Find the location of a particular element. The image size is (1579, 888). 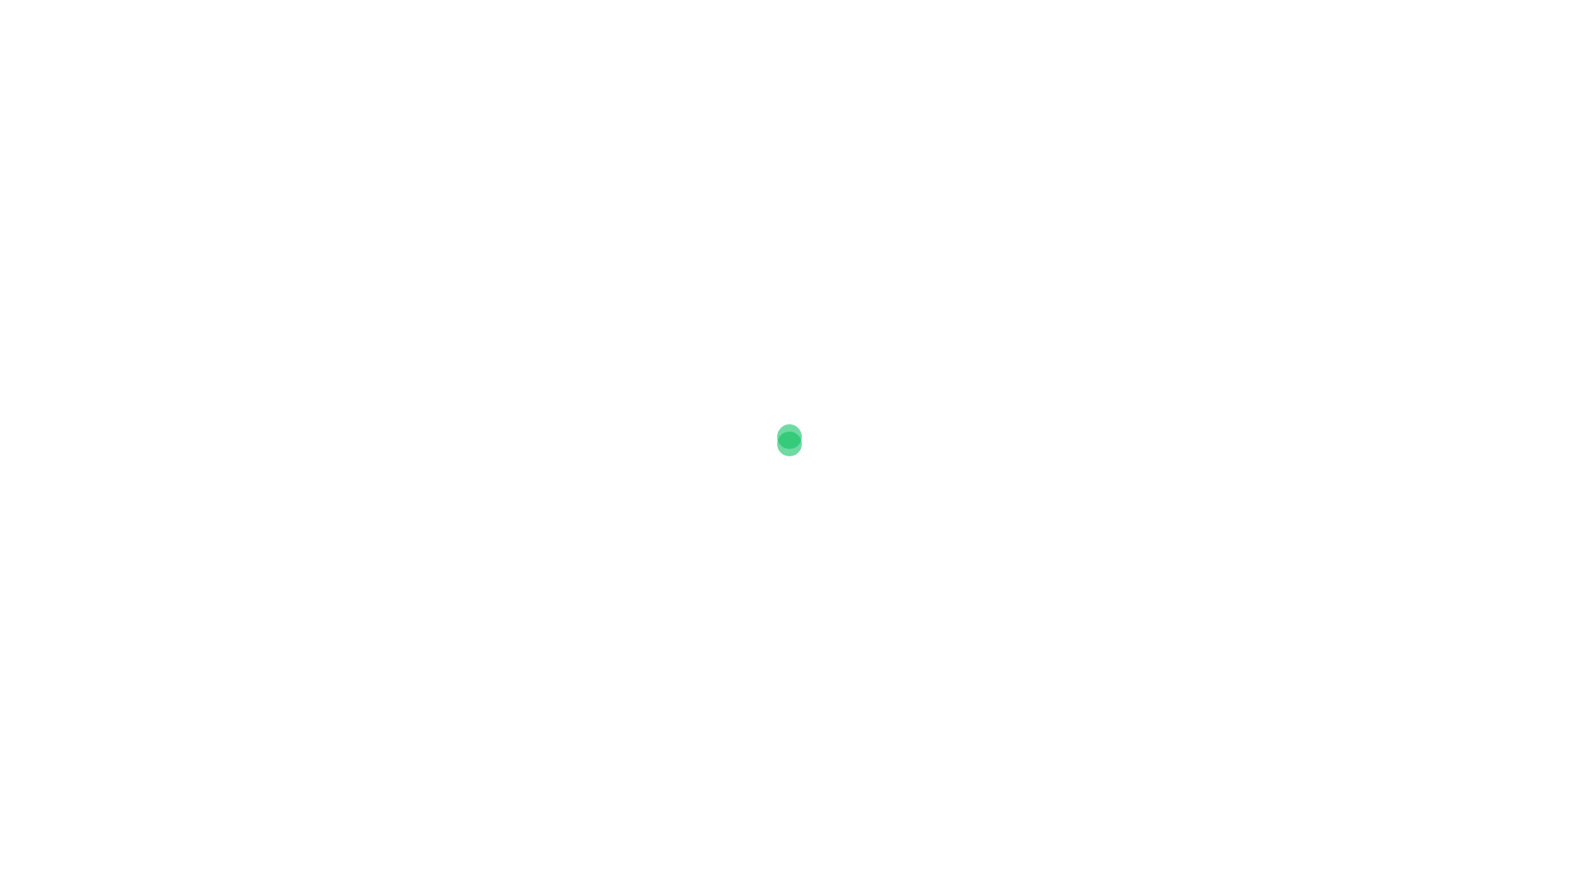

'Klimaattafel' is located at coordinates (404, 317).